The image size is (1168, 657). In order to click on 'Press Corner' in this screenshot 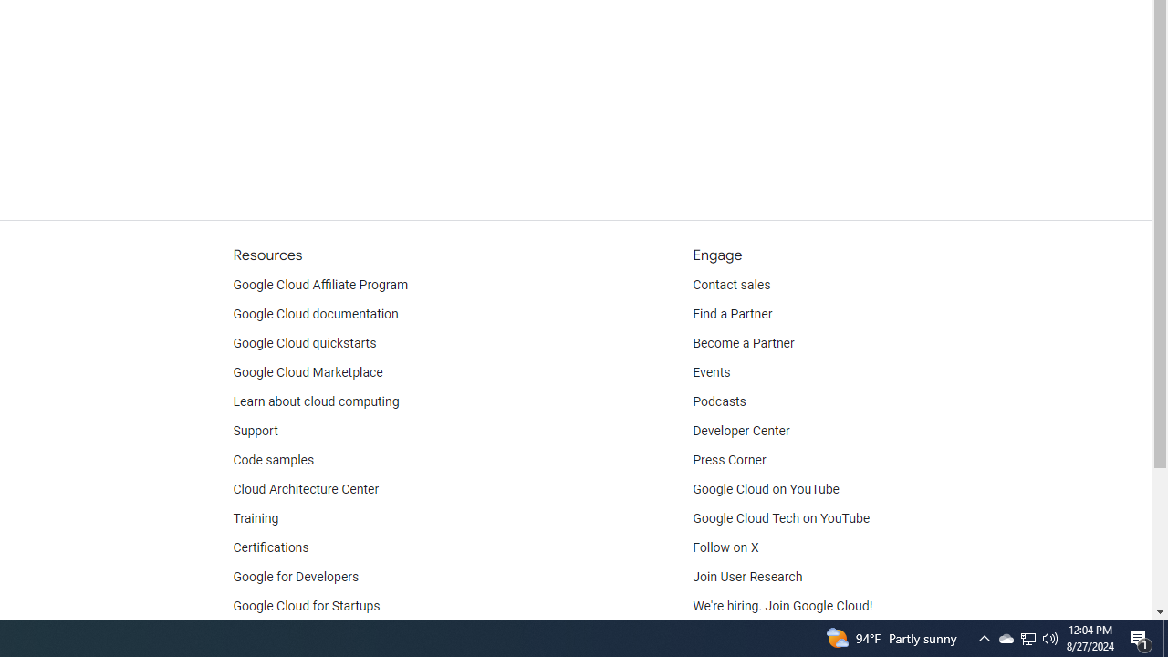, I will do `click(728, 460)`.